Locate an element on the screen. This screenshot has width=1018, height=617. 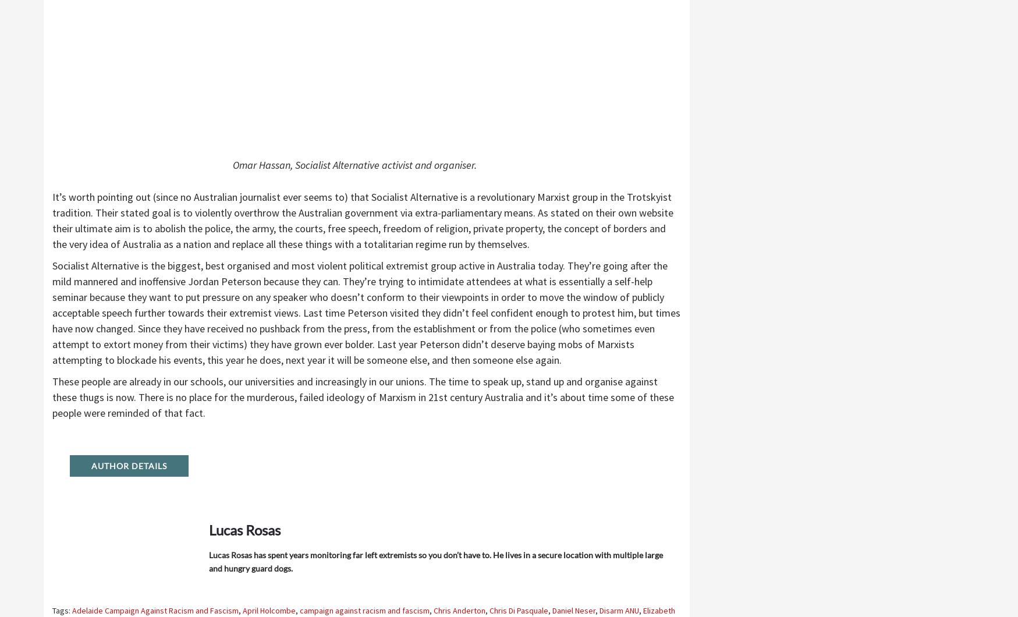
'Disarm ANU' is located at coordinates (619, 609).